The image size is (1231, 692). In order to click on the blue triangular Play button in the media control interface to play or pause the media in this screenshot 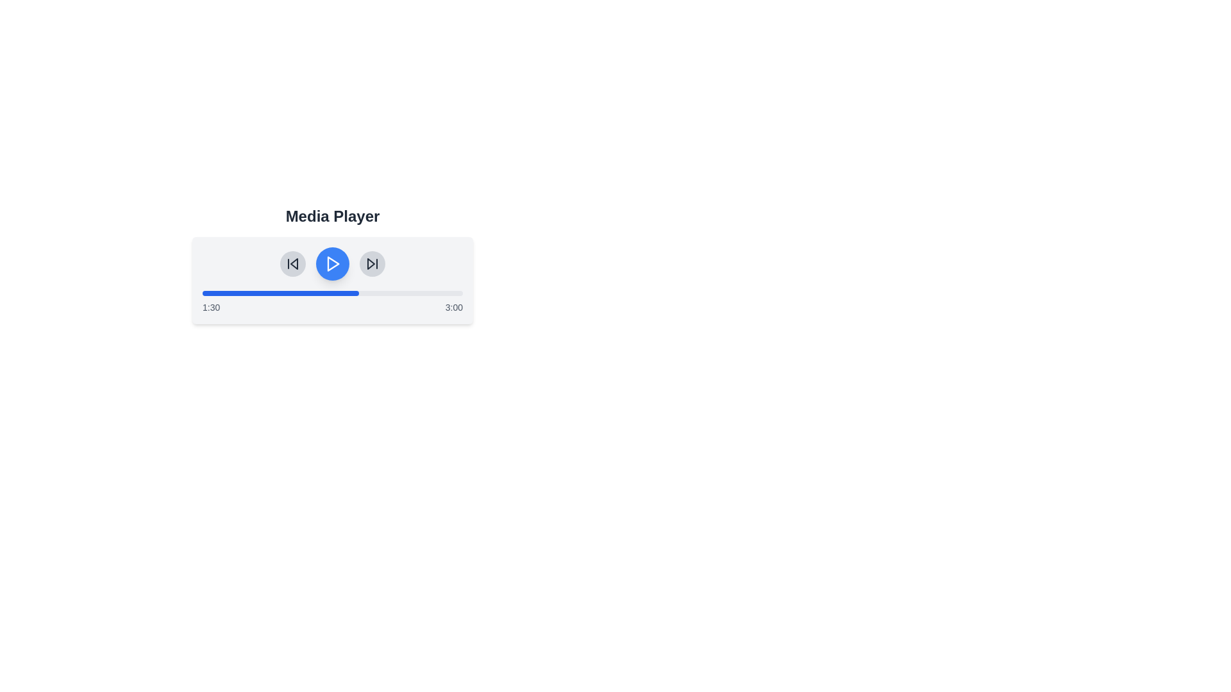, I will do `click(333, 263)`.